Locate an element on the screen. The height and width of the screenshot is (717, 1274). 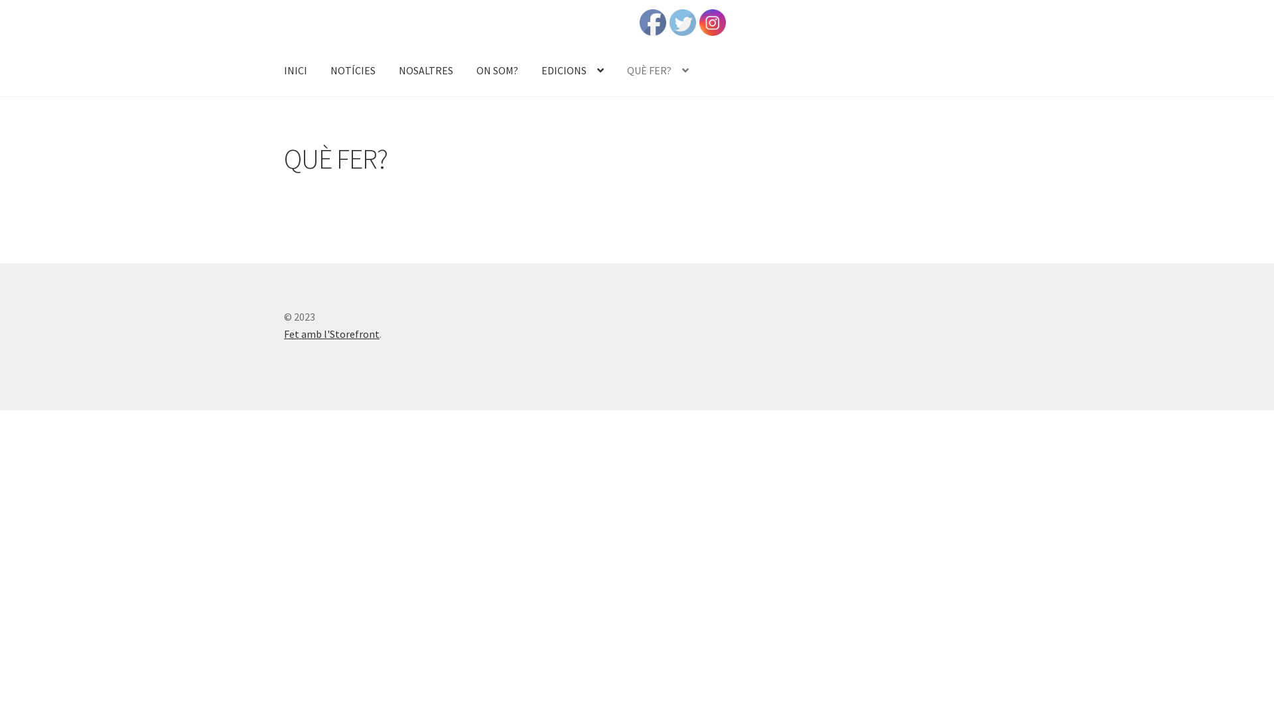
'Facebook' is located at coordinates (652, 23).